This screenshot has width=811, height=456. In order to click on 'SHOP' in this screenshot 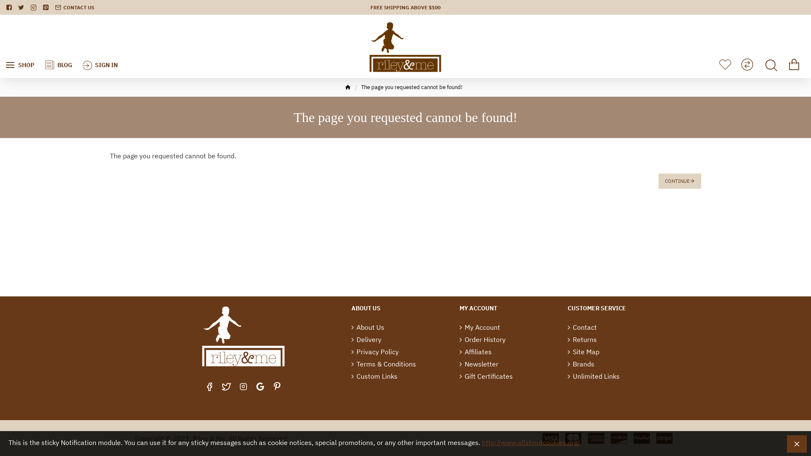, I will do `click(19, 46)`.